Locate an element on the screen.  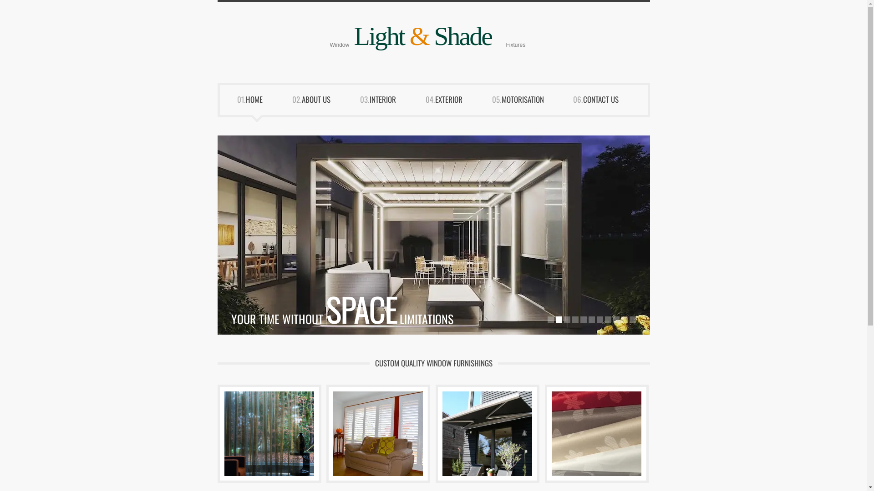
'1' is located at coordinates (550, 319).